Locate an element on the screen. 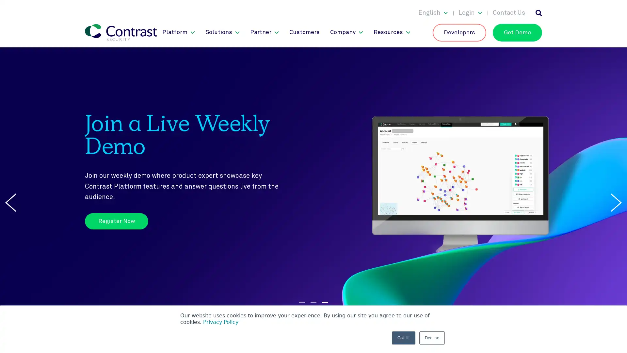  Decline is located at coordinates (432, 338).